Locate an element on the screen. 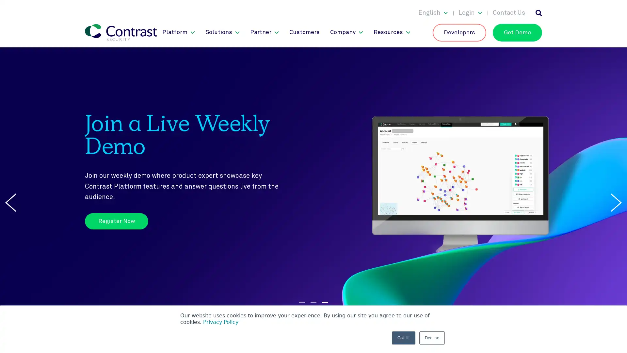  Decline is located at coordinates (432, 338).